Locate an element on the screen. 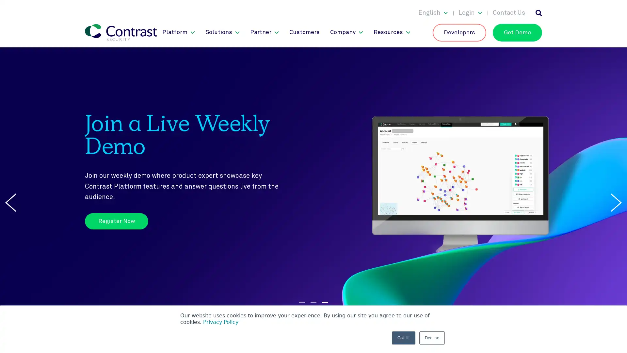  Decline is located at coordinates (432, 338).